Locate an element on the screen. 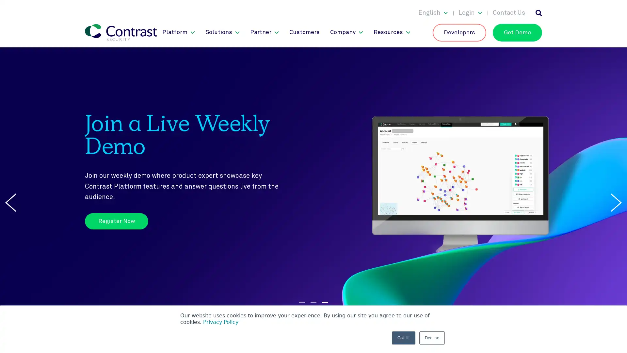  Decline is located at coordinates (432, 338).